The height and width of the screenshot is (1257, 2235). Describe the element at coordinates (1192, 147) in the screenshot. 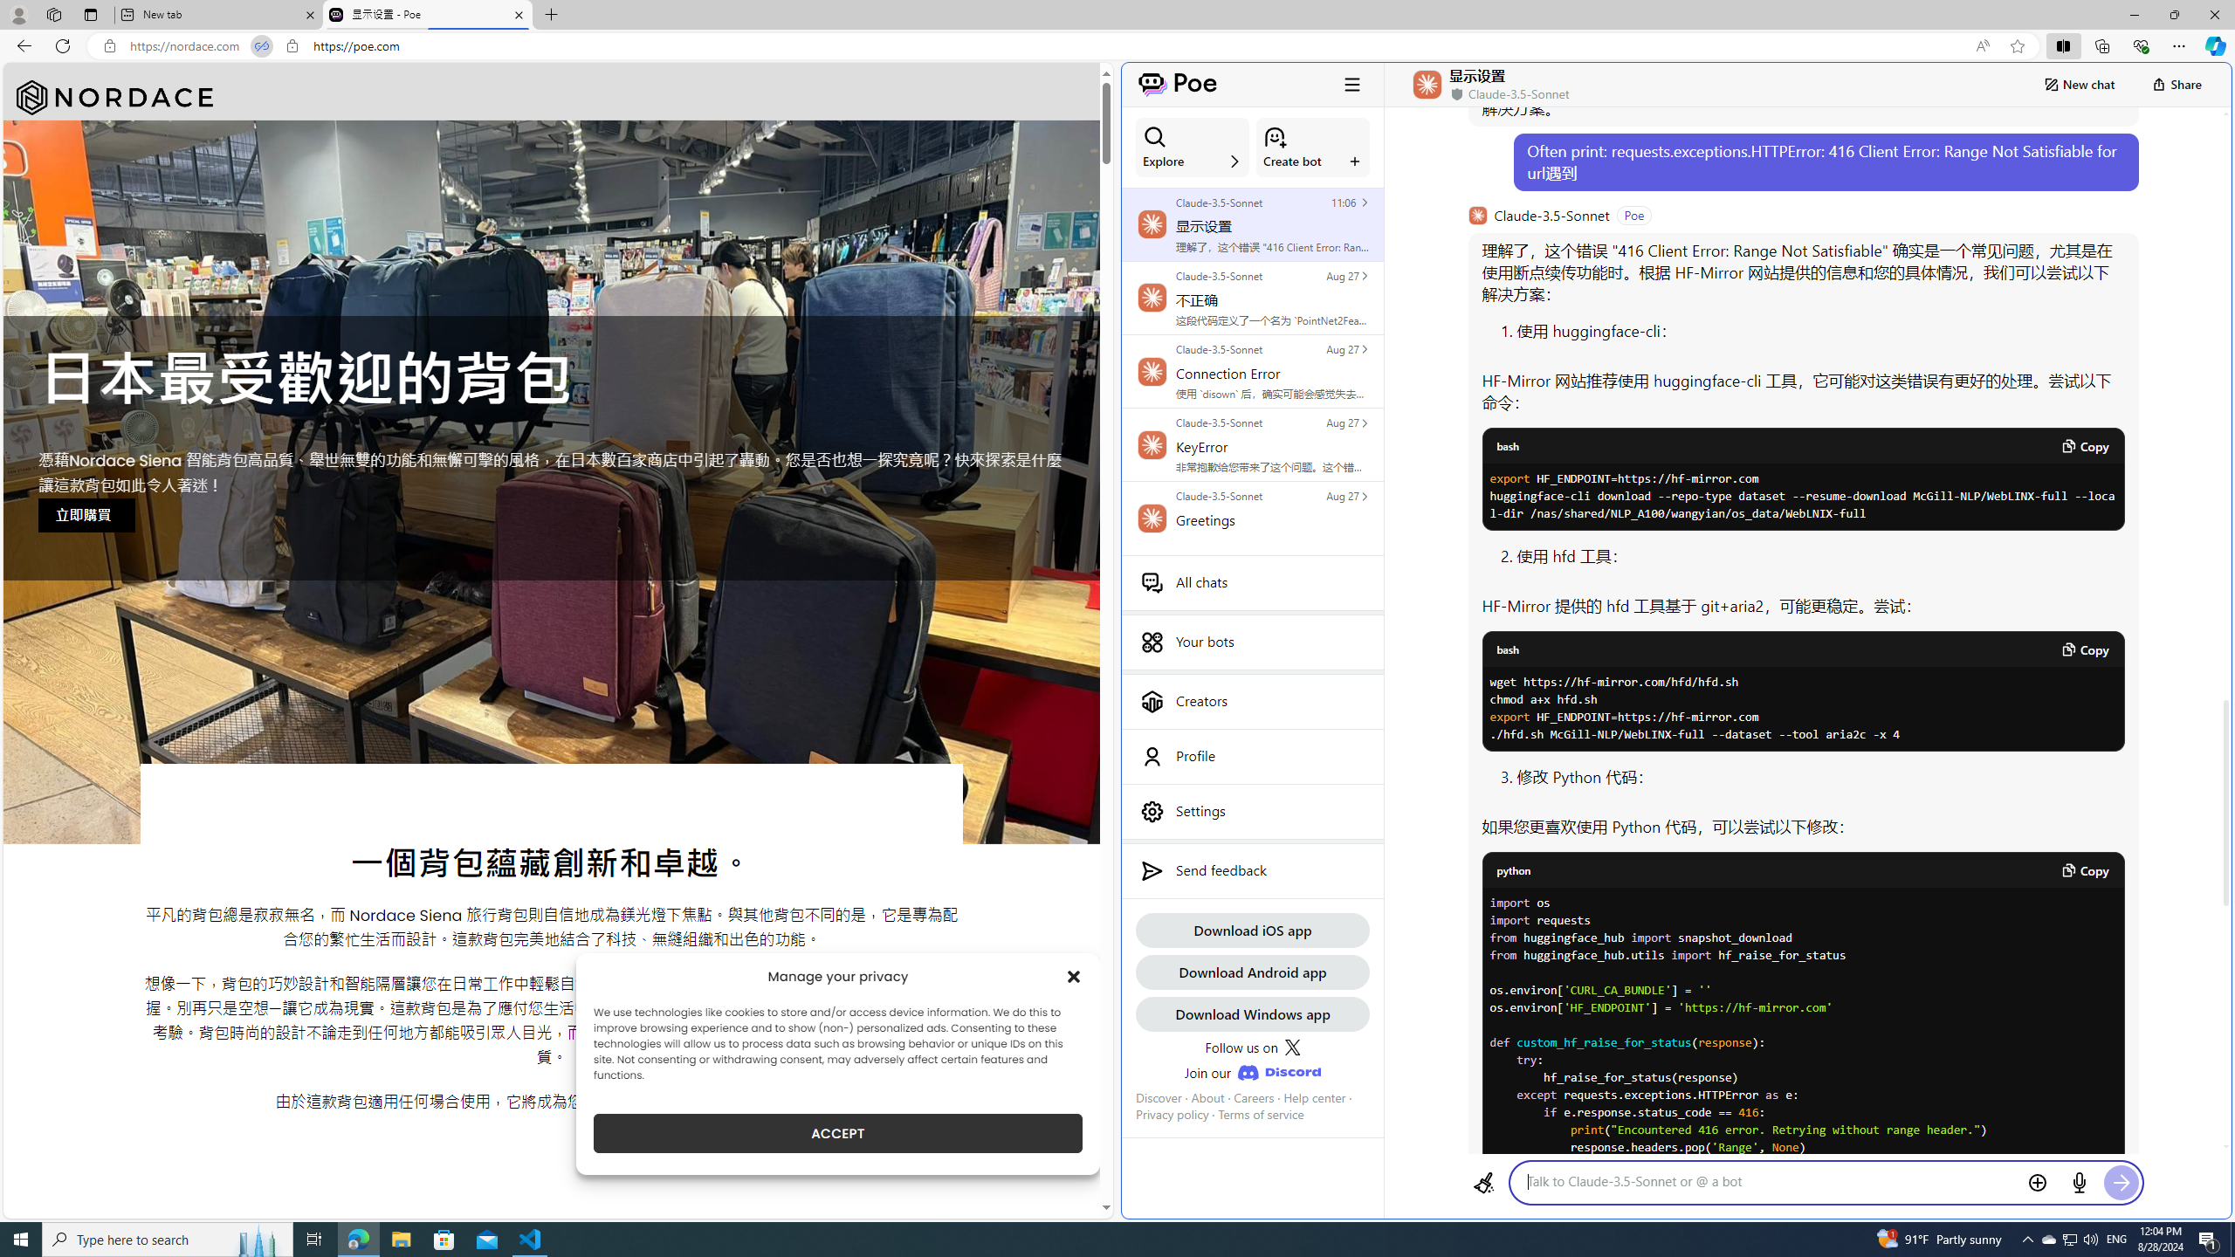

I see `'Explore'` at that location.